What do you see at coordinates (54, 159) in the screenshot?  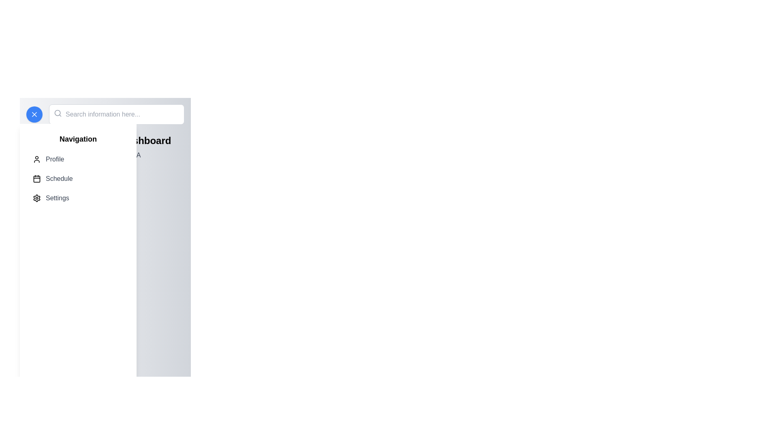 I see `the user profile label located in the sidebar menu under the 'Navigation' header, positioned to the right of the user profile icon` at bounding box center [54, 159].